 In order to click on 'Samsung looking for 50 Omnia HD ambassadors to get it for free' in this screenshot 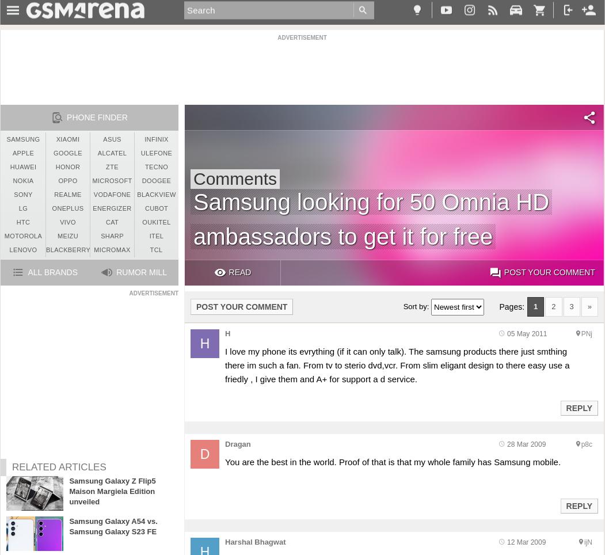, I will do `click(370, 219)`.